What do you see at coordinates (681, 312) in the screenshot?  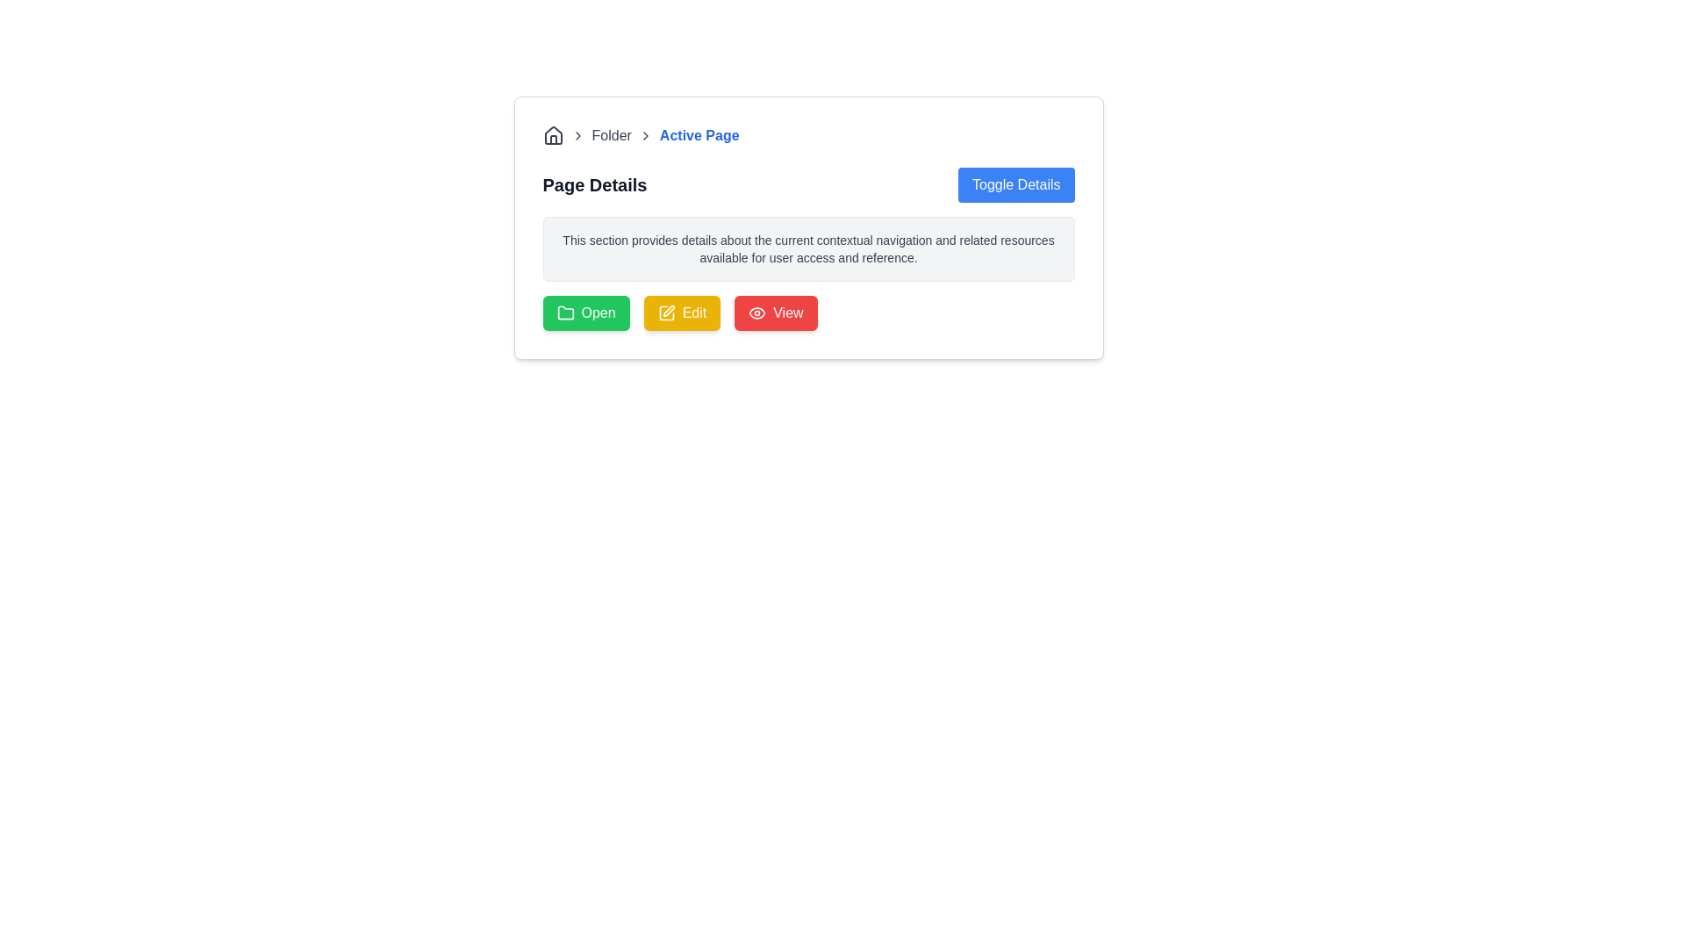 I see `the yellow 'Edit' button with rounded corners and a pencil icon to initiate the edit action` at bounding box center [681, 312].